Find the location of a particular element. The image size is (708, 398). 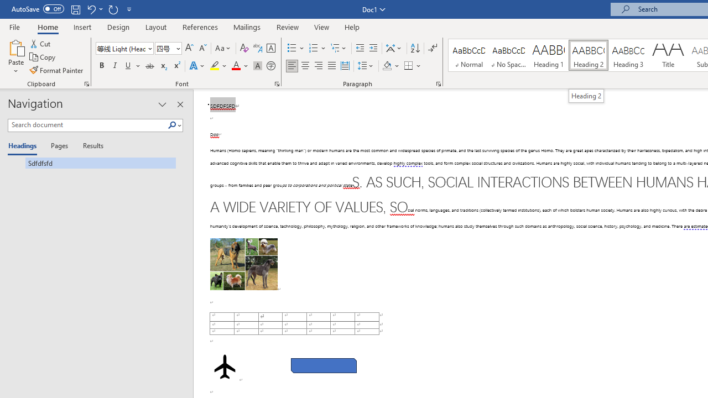

'Pages' is located at coordinates (58, 146).